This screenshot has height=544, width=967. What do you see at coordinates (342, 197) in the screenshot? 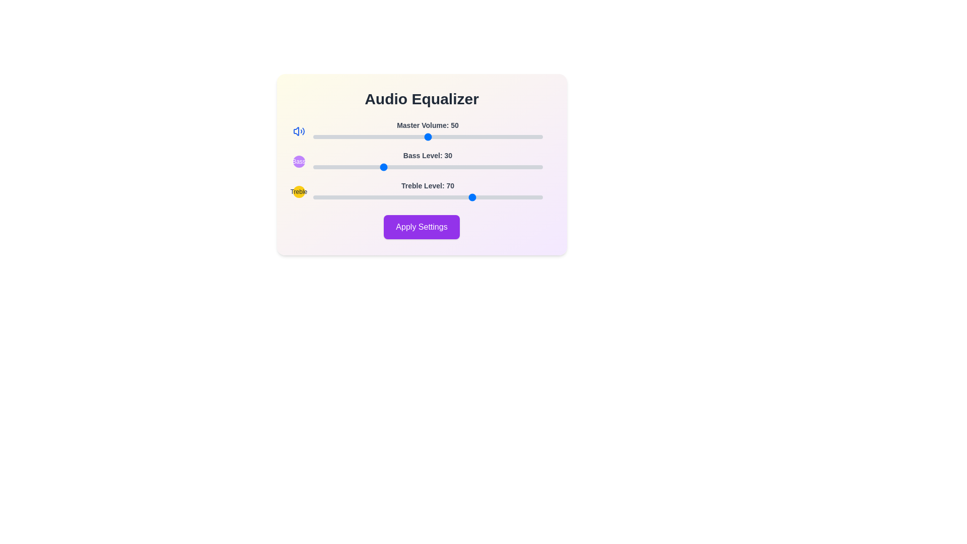
I see `Treble Level` at bounding box center [342, 197].